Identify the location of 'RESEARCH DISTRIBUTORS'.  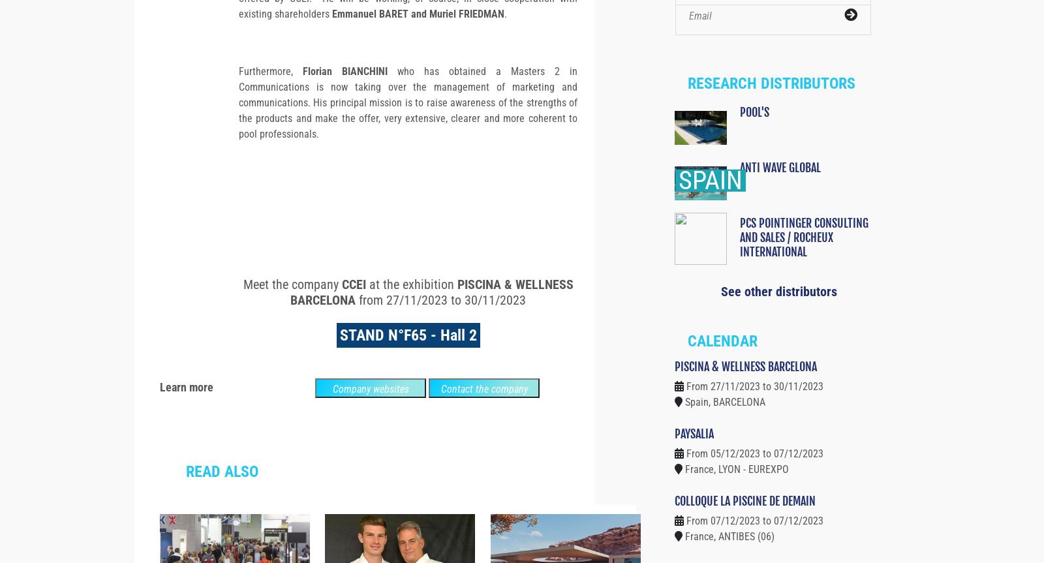
(687, 106).